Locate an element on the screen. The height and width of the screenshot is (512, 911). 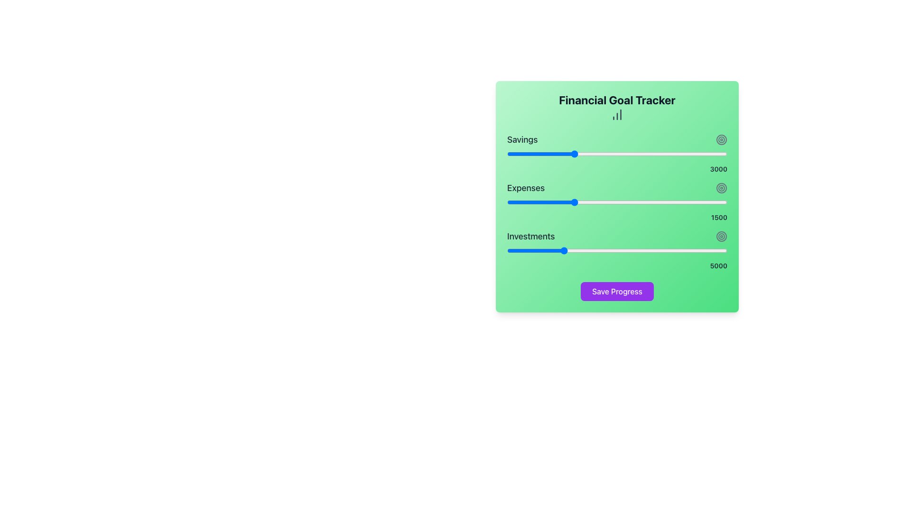
the investment goal is located at coordinates (710, 250).